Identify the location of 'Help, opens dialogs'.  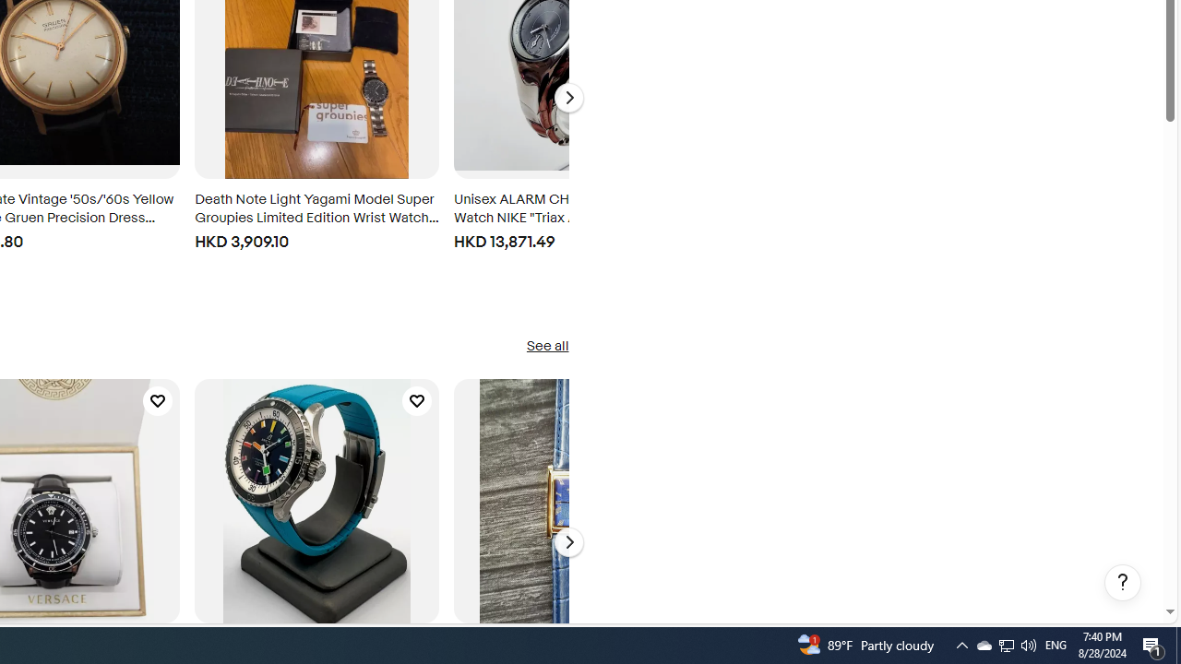
(1122, 583).